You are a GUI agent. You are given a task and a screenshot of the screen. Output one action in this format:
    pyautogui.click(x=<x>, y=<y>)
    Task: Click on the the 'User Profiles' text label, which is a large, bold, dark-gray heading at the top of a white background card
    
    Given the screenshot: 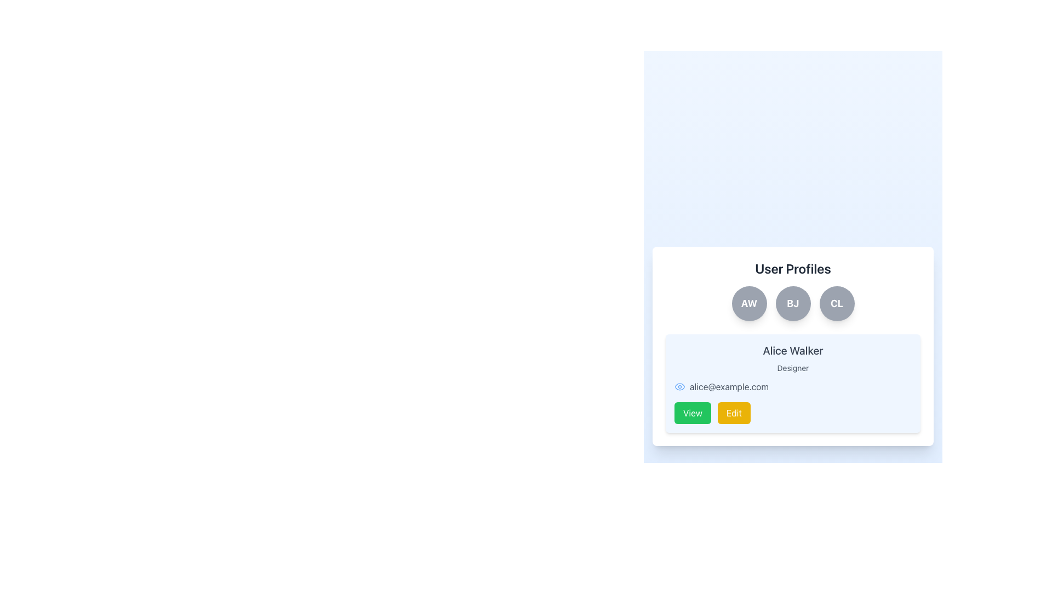 What is the action you would take?
    pyautogui.click(x=793, y=268)
    